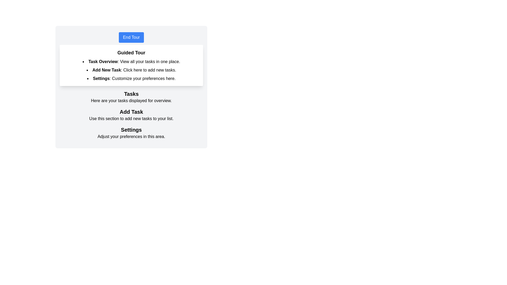 This screenshot has width=507, height=285. What do you see at coordinates (131, 133) in the screenshot?
I see `the static text section labeled 'Settings' that provides informative content about adjusting preferences` at bounding box center [131, 133].